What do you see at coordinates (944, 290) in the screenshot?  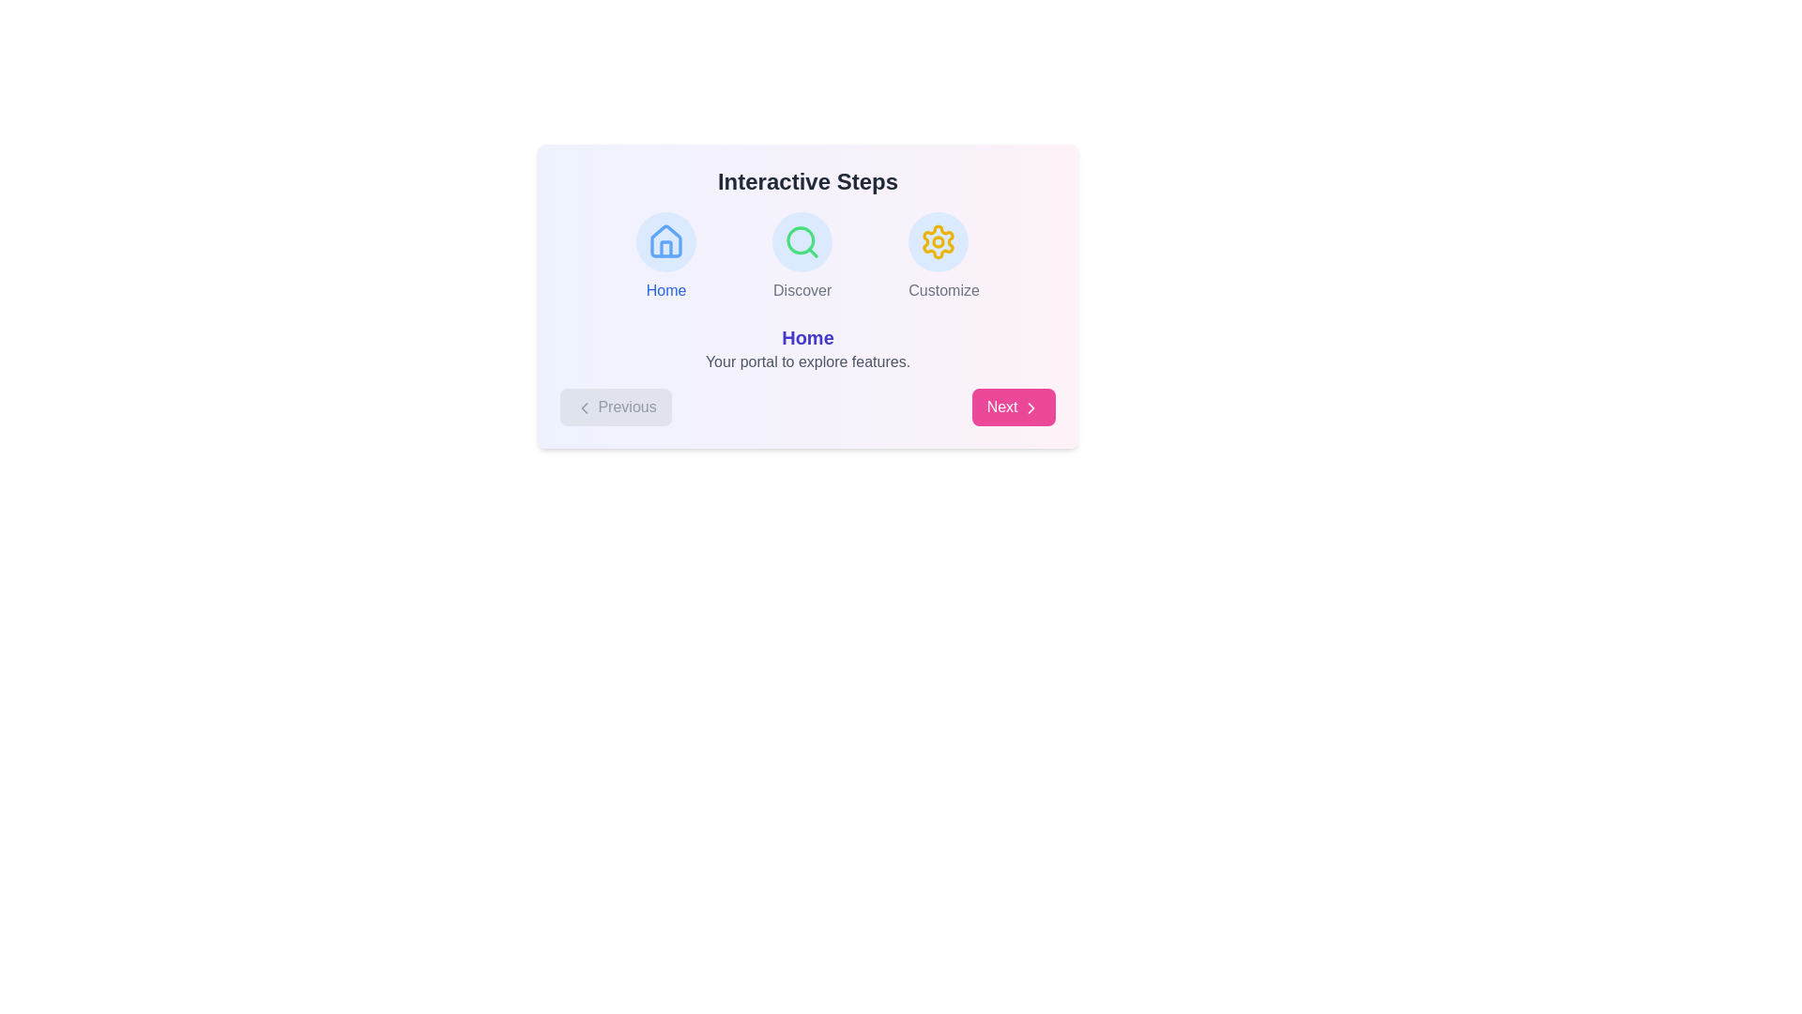 I see `the 'Customize' label, which is styled in a medium gray font and positioned directly beneath the yellow gear icon in the 'Interactive Steps' section` at bounding box center [944, 290].